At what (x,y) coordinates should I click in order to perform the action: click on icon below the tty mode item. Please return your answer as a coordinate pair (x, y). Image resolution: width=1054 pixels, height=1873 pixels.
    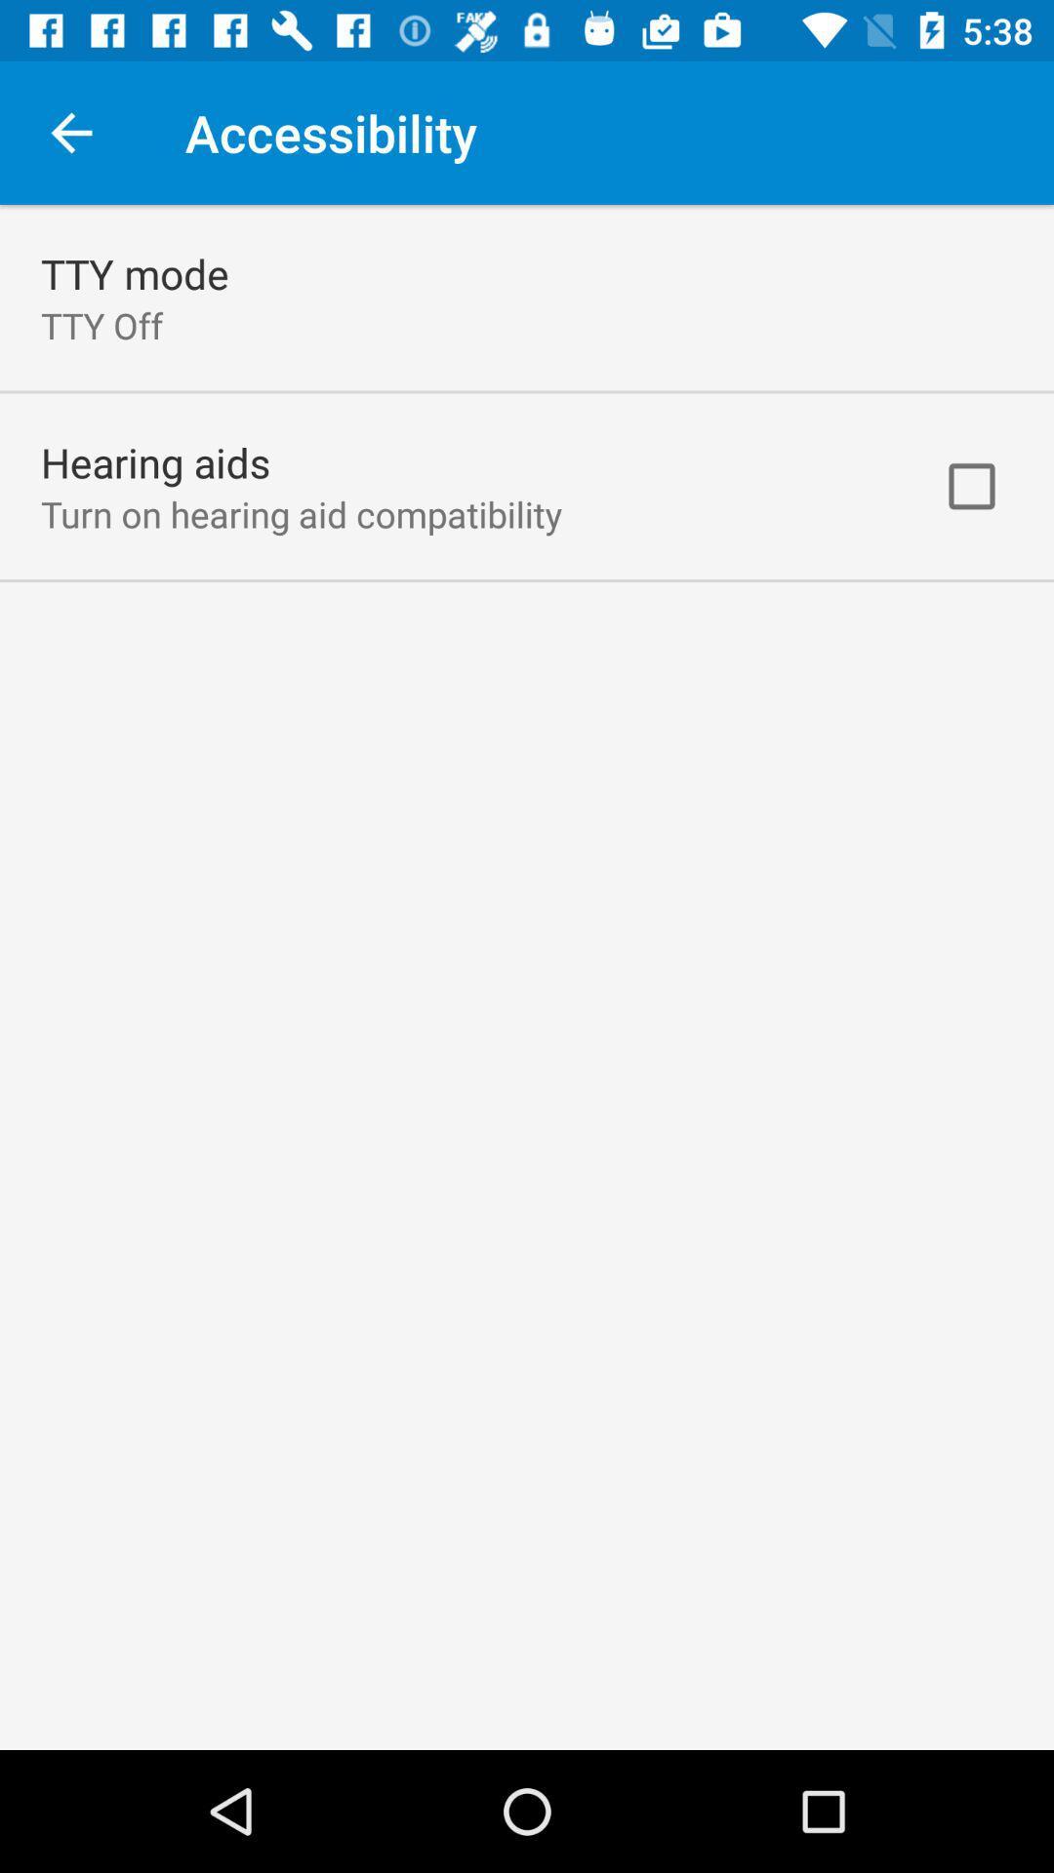
    Looking at the image, I should click on (101, 325).